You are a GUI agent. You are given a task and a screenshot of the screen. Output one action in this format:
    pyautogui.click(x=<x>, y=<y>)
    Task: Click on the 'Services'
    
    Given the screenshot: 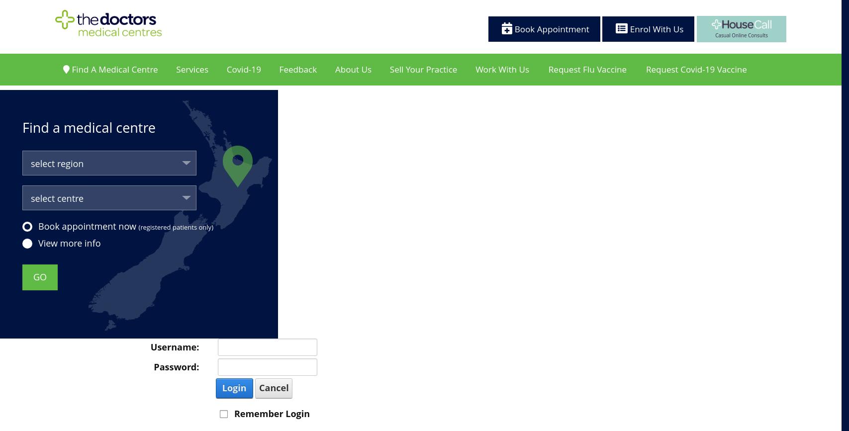 What is the action you would take?
    pyautogui.click(x=192, y=77)
    